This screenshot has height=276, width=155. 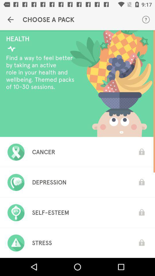 What do you see at coordinates (43, 152) in the screenshot?
I see `cancer icon` at bounding box center [43, 152].